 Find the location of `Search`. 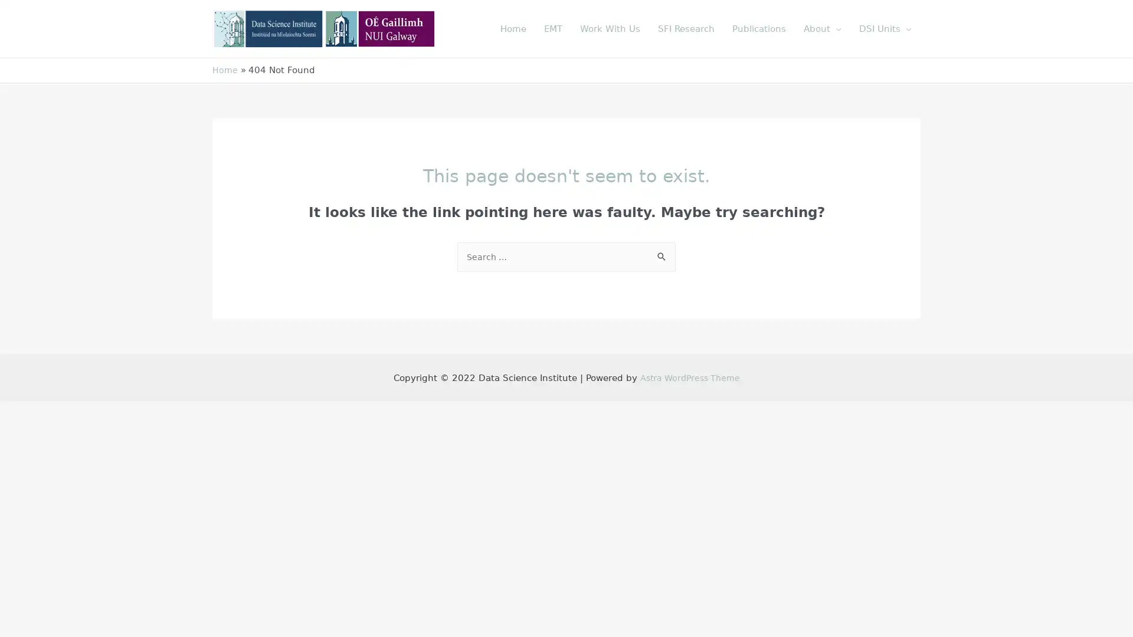

Search is located at coordinates (662, 254).